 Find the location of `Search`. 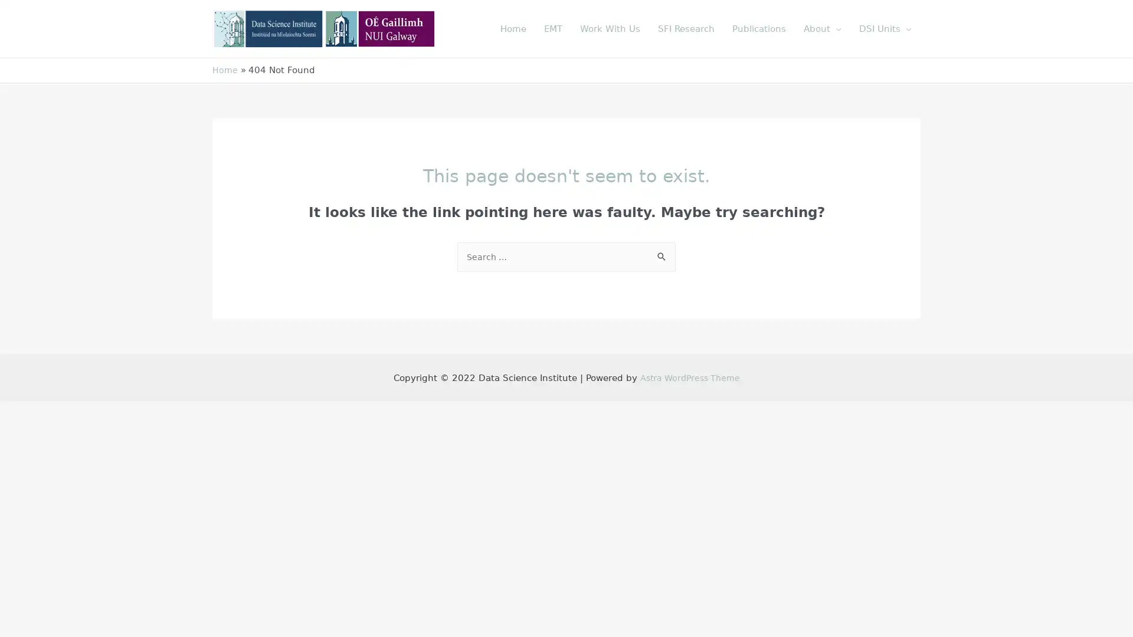

Search is located at coordinates (662, 254).